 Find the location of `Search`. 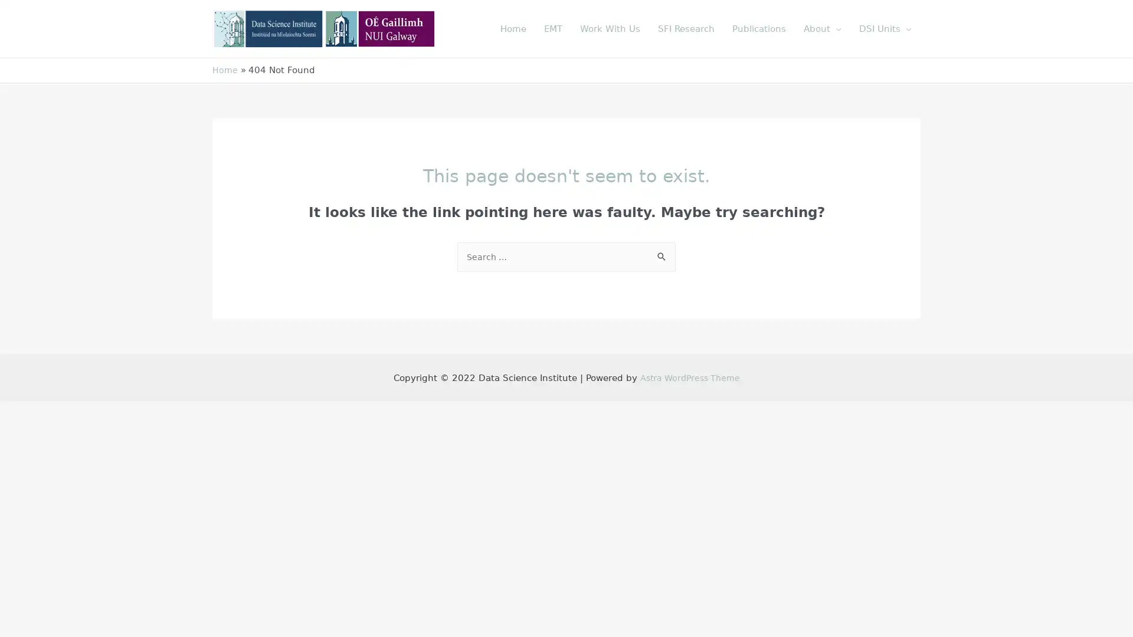

Search is located at coordinates (662, 254).